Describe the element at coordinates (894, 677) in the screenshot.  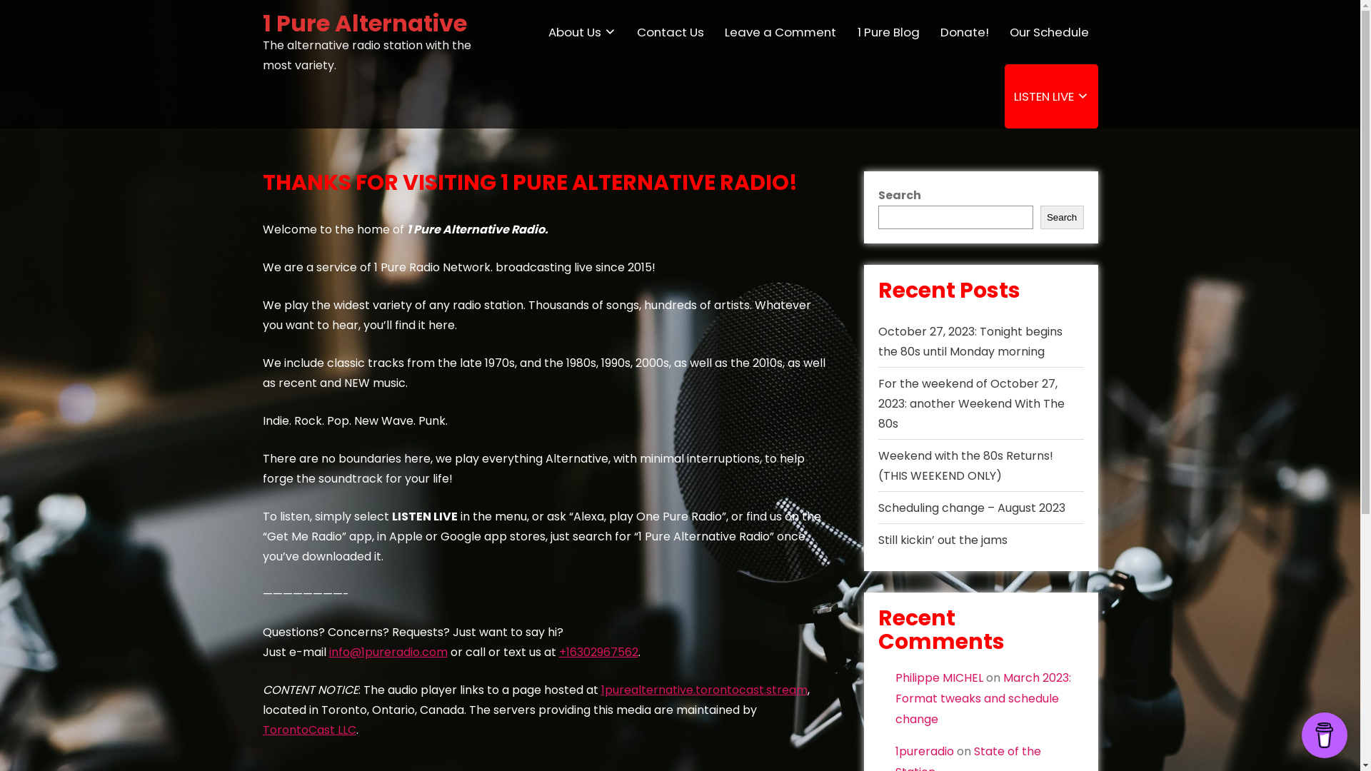
I see `'Philippe MICHEL'` at that location.